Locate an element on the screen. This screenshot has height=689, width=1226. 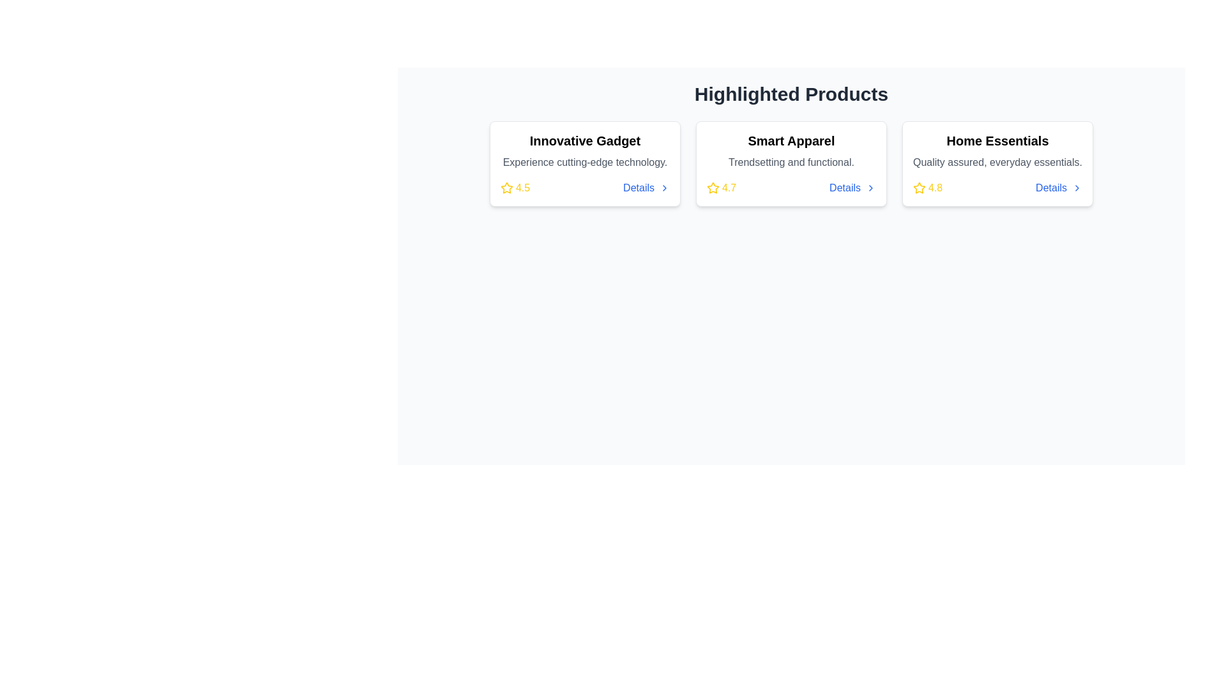
the right-pointing chevron icon next to the 'Details' text link in the second card labeled 'Smart Apparel' is located at coordinates (870, 188).